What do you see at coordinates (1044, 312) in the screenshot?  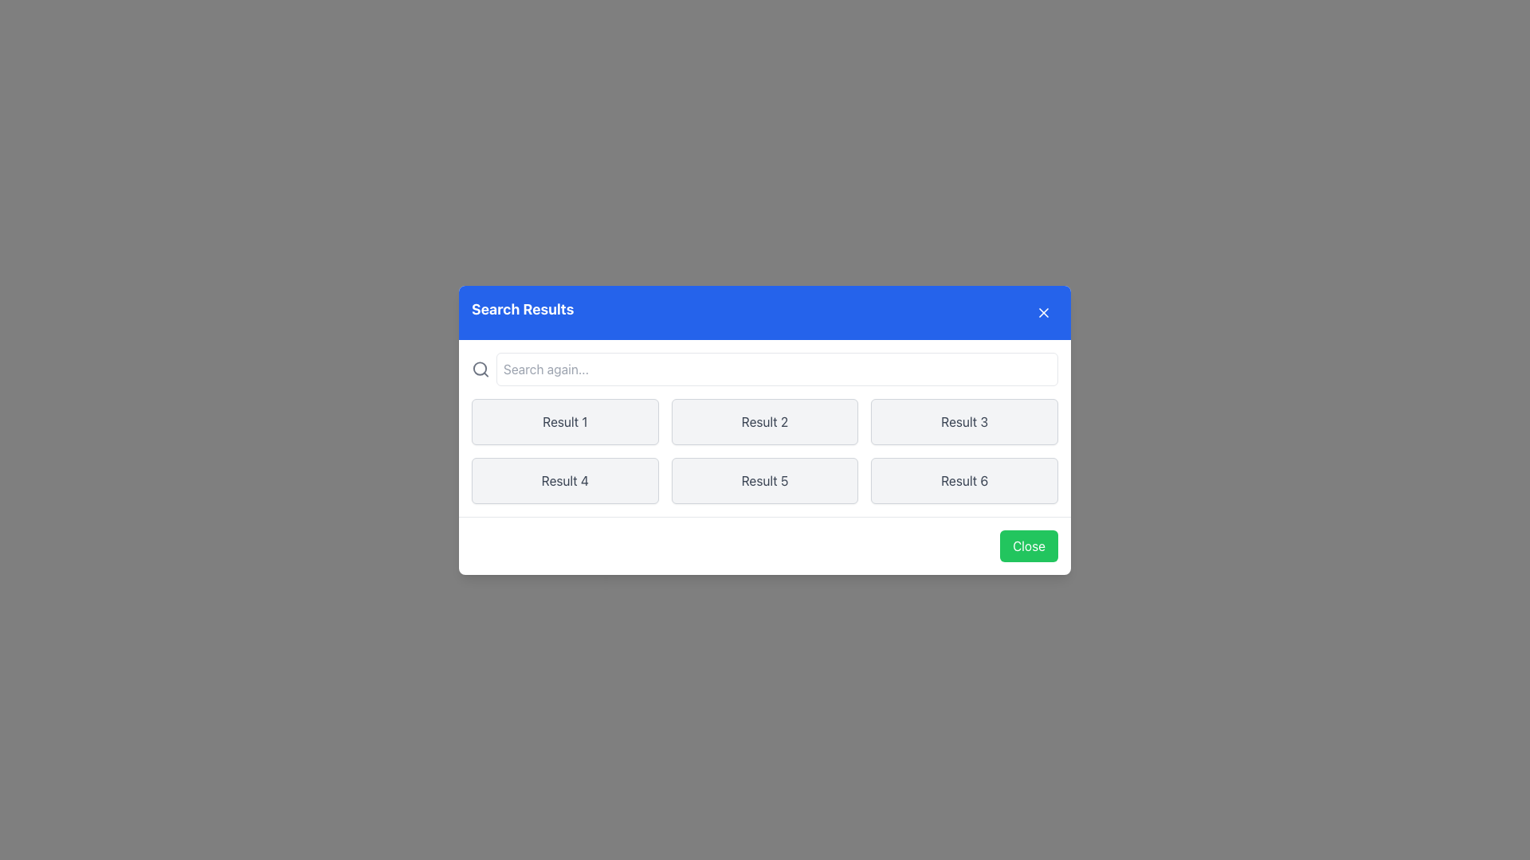 I see `the circular blue button with a white 'X' icon located on the far-right side of the 'Search Results' header` at bounding box center [1044, 312].